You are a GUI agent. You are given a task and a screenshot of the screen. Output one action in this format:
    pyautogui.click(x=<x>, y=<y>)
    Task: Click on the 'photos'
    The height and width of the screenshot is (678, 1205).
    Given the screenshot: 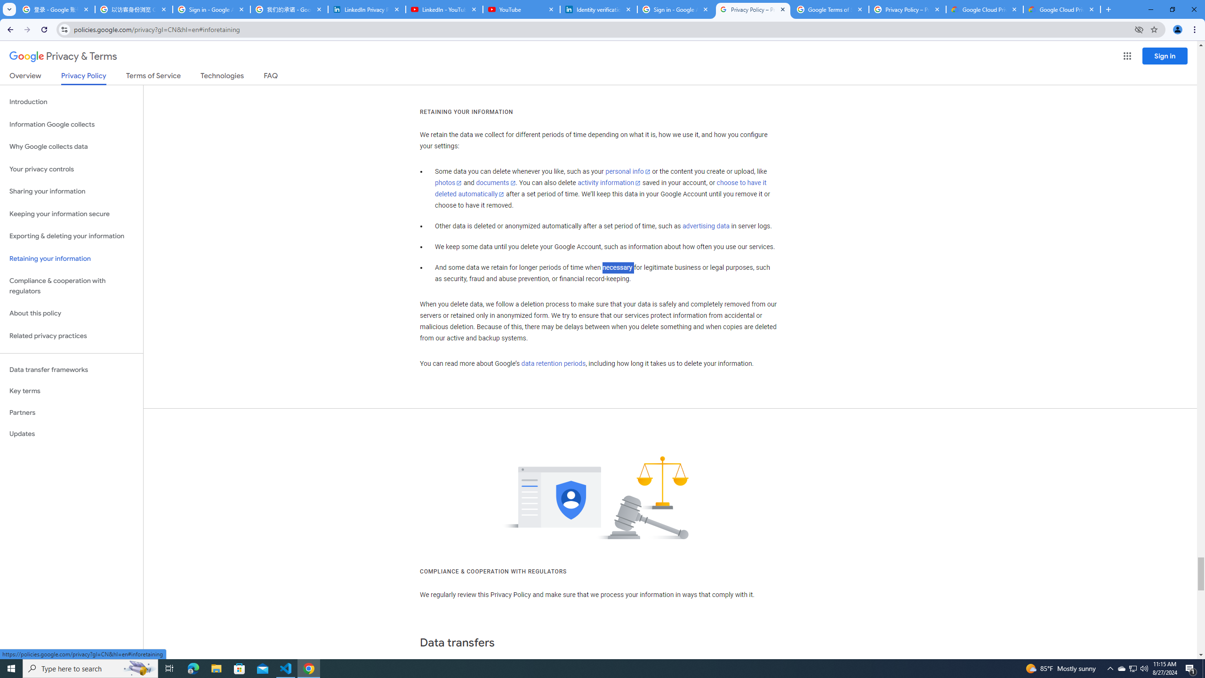 What is the action you would take?
    pyautogui.click(x=449, y=182)
    